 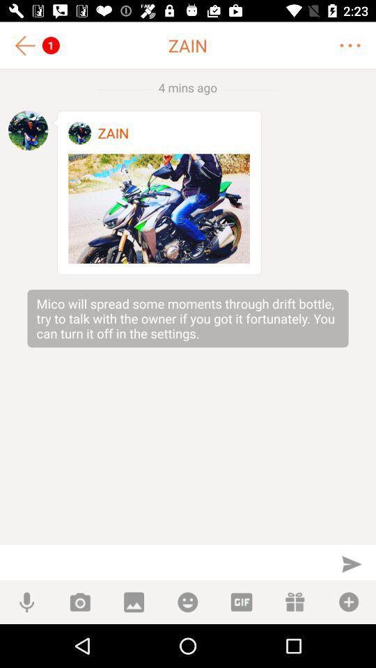 What do you see at coordinates (28, 130) in the screenshot?
I see `profile` at bounding box center [28, 130].